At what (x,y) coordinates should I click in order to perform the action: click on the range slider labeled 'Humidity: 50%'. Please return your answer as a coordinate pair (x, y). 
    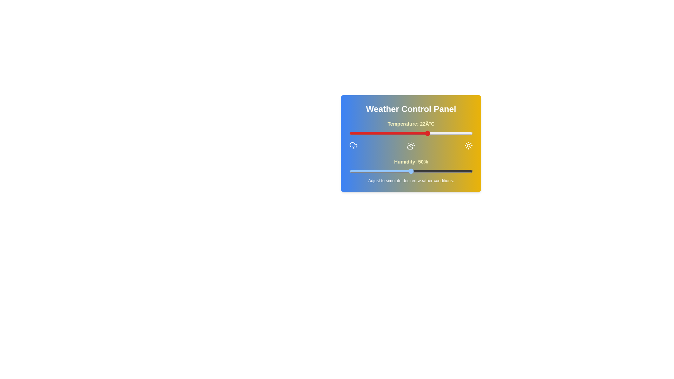
    Looking at the image, I should click on (411, 171).